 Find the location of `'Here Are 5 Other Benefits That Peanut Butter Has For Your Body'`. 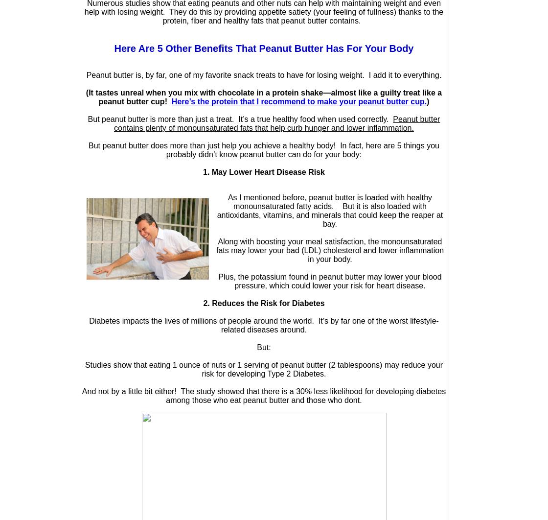

'Here Are 5 Other Benefits That Peanut Butter Has For Your Body' is located at coordinates (264, 48).